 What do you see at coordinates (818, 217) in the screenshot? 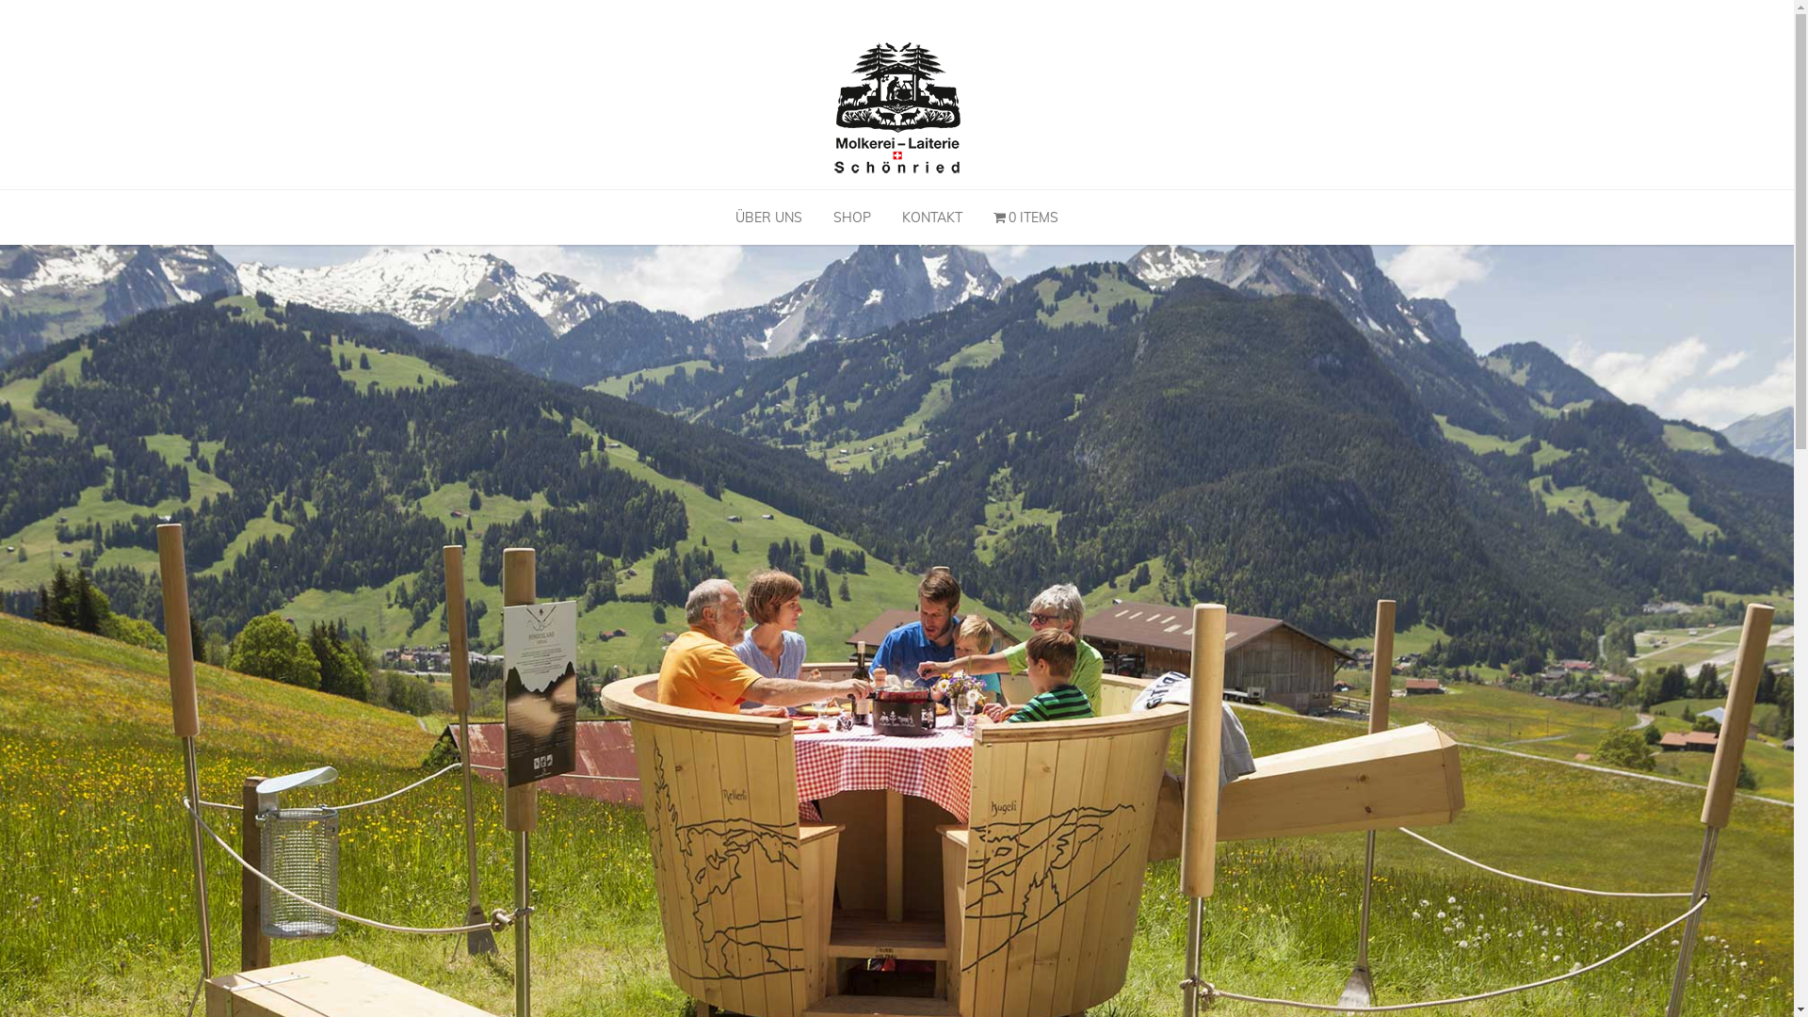
I see `'SHOP'` at bounding box center [818, 217].